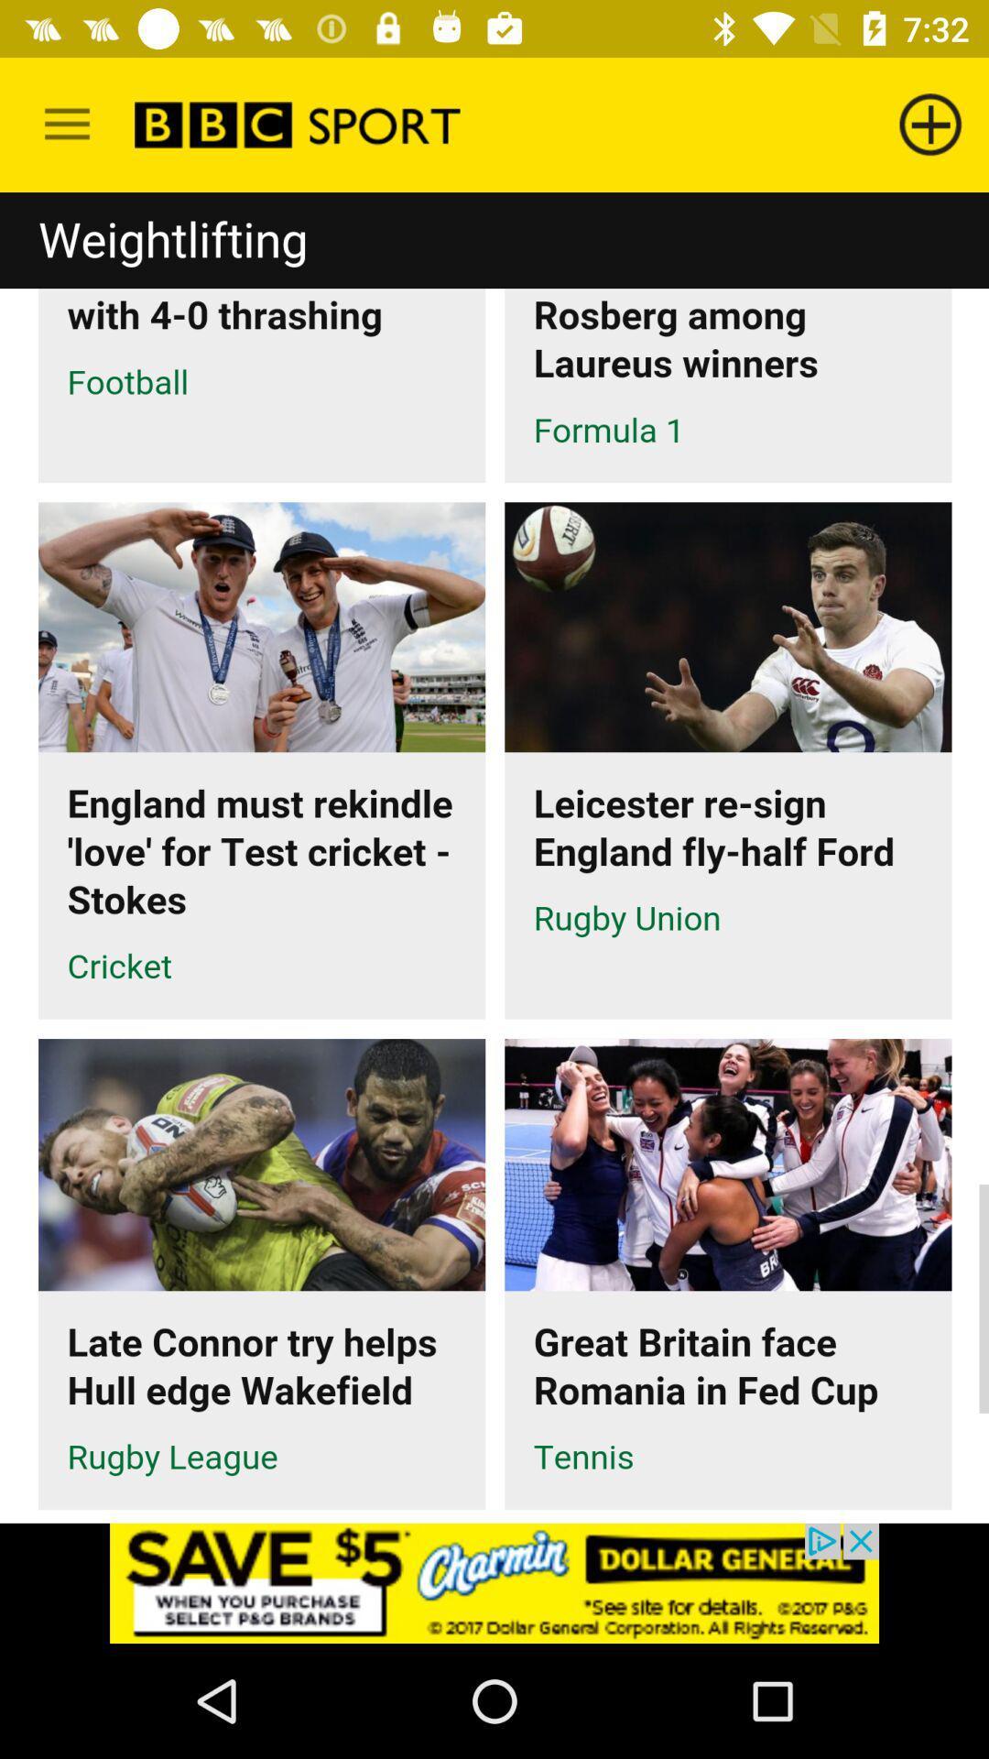 The height and width of the screenshot is (1759, 989). What do you see at coordinates (494, 857) in the screenshot?
I see `games` at bounding box center [494, 857].